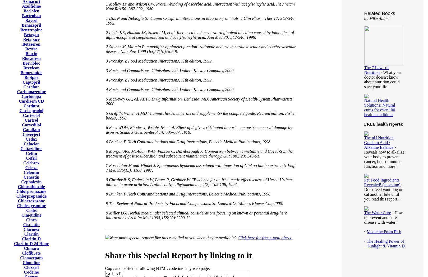 The height and width of the screenshot is (277, 428). Describe the element at coordinates (178, 255) in the screenshot. I see `'Share this Special Report by linking to it'` at that location.